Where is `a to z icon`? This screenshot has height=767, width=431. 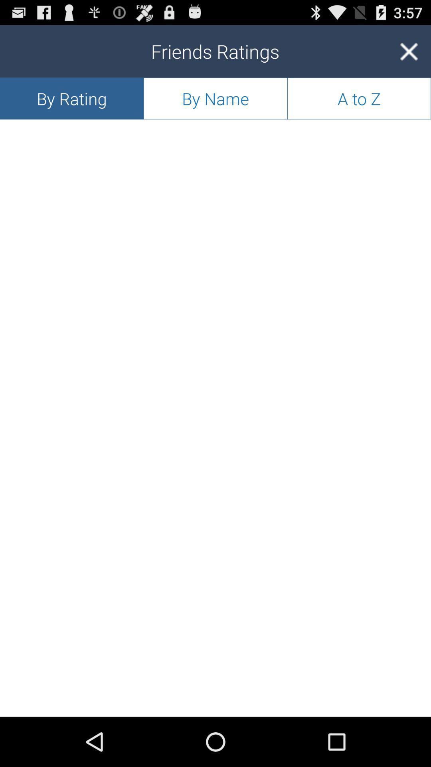 a to z icon is located at coordinates (358, 98).